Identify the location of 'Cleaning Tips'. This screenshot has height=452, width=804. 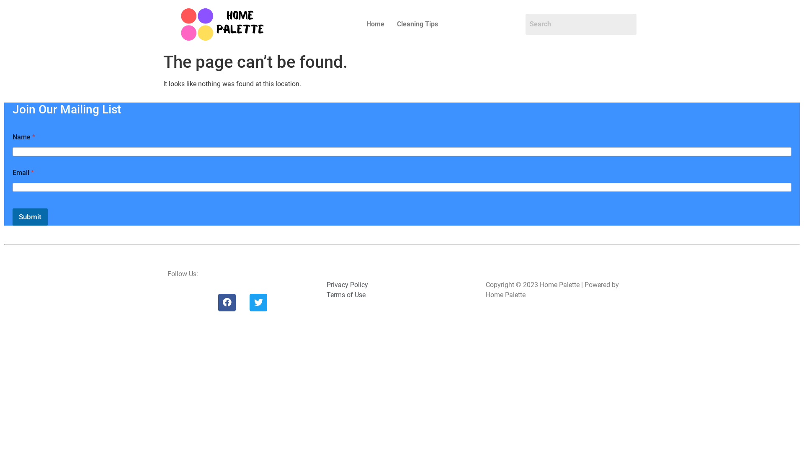
(417, 23).